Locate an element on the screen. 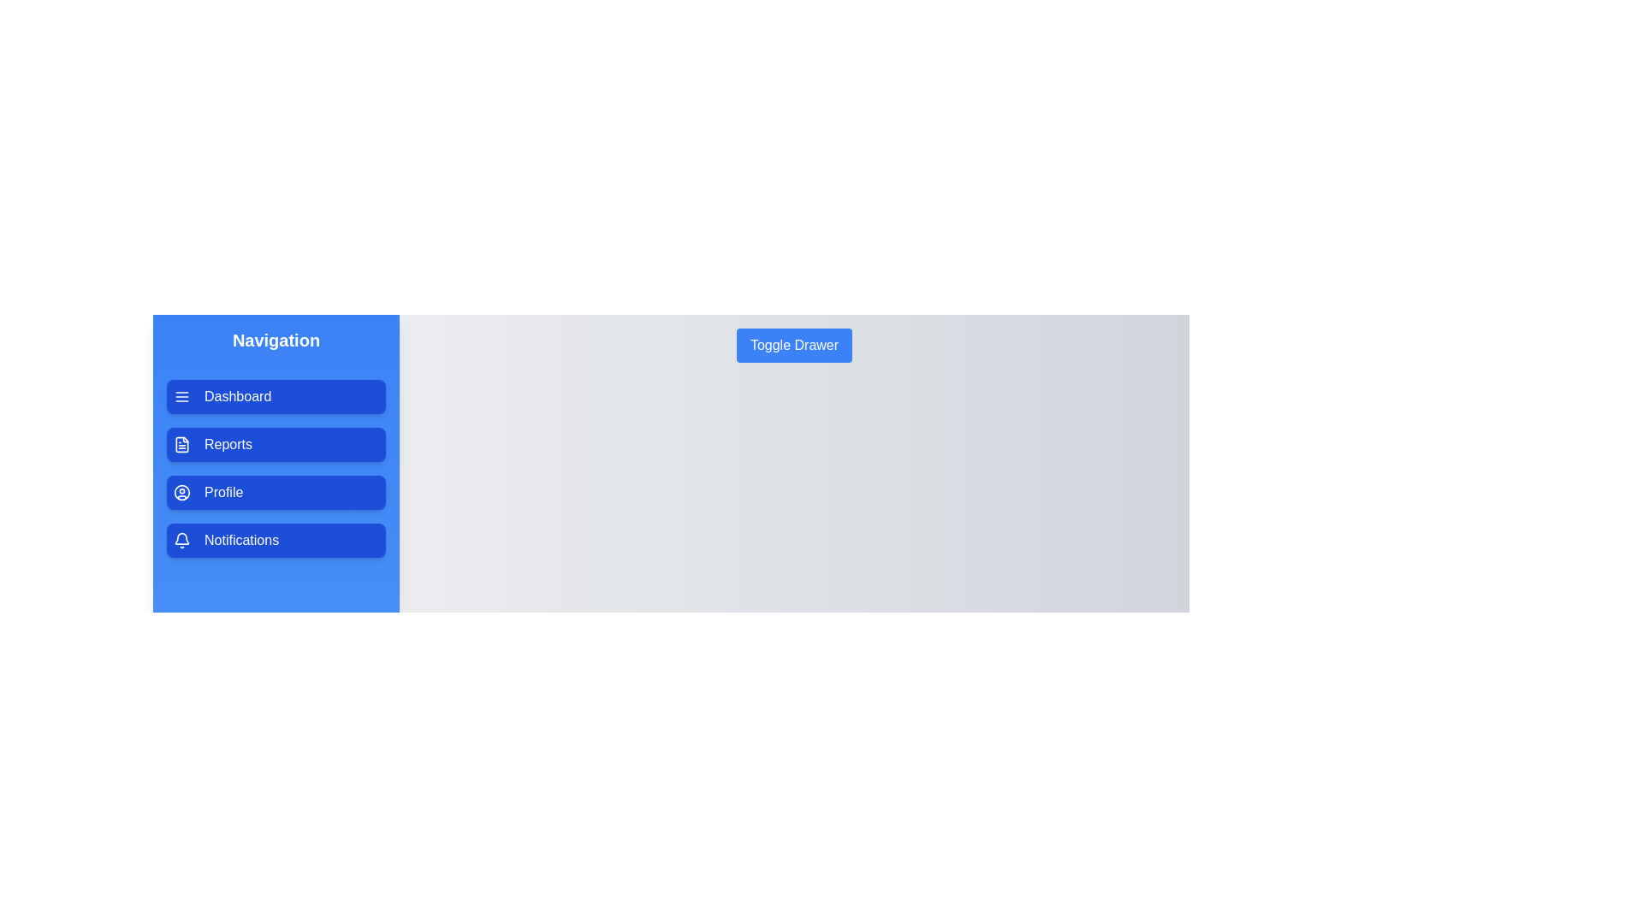  the menu item Profile to observe its hover effect is located at coordinates (276, 492).